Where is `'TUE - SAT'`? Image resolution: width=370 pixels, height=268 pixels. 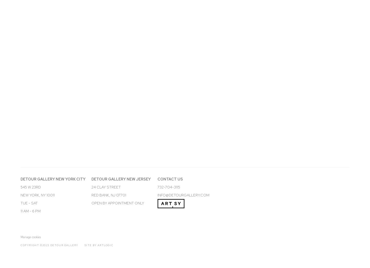
'TUE - SAT' is located at coordinates (29, 203).